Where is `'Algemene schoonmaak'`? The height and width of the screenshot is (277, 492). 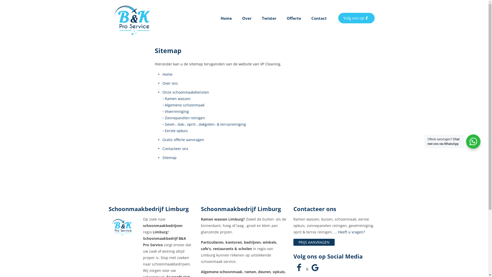
'Algemene schoonmaak' is located at coordinates (184, 105).